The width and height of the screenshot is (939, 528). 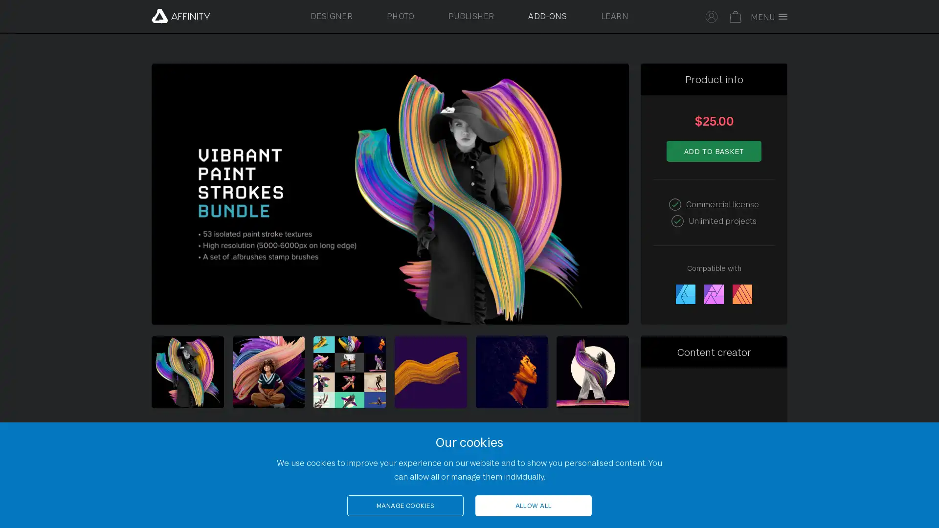 What do you see at coordinates (268, 372) in the screenshot?
I see `Select to view image 2` at bounding box center [268, 372].